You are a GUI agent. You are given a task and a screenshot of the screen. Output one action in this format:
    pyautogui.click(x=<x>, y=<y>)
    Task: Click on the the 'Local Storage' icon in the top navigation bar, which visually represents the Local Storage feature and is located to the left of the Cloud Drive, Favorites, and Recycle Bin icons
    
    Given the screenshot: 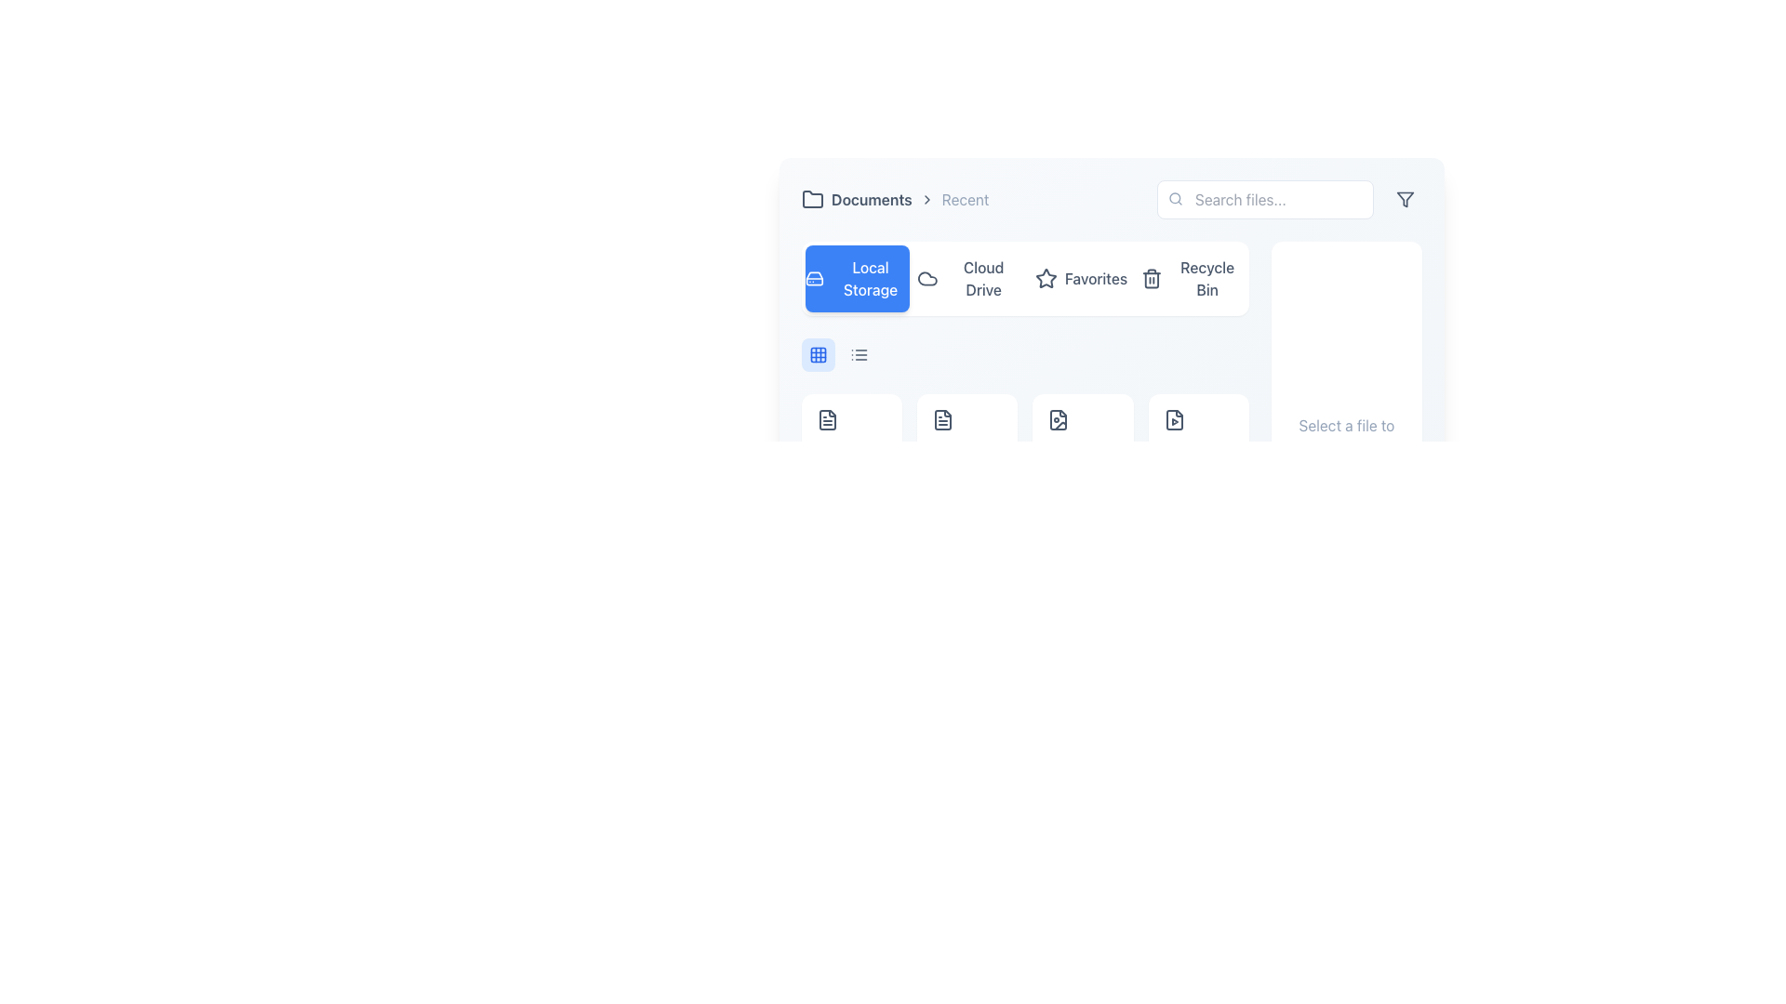 What is the action you would take?
    pyautogui.click(x=814, y=279)
    